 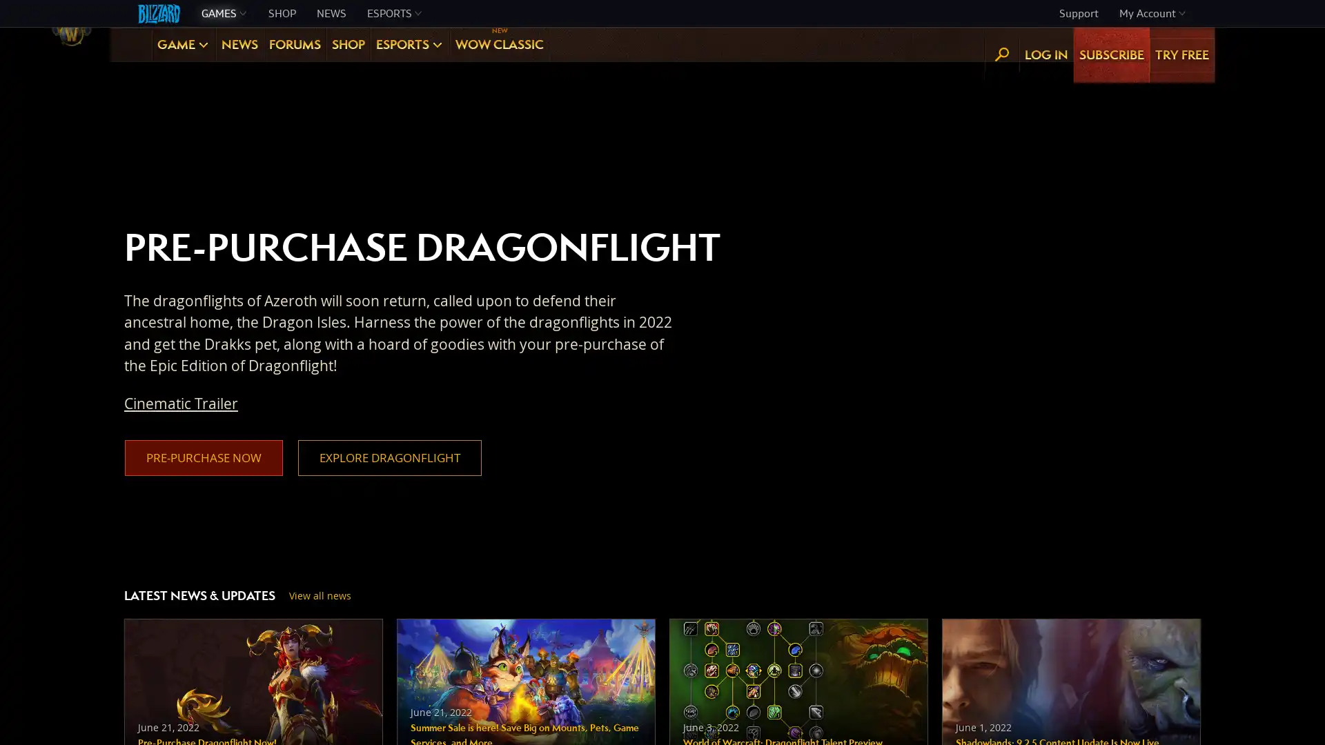 What do you see at coordinates (180, 403) in the screenshot?
I see `Cinematic Trailer` at bounding box center [180, 403].